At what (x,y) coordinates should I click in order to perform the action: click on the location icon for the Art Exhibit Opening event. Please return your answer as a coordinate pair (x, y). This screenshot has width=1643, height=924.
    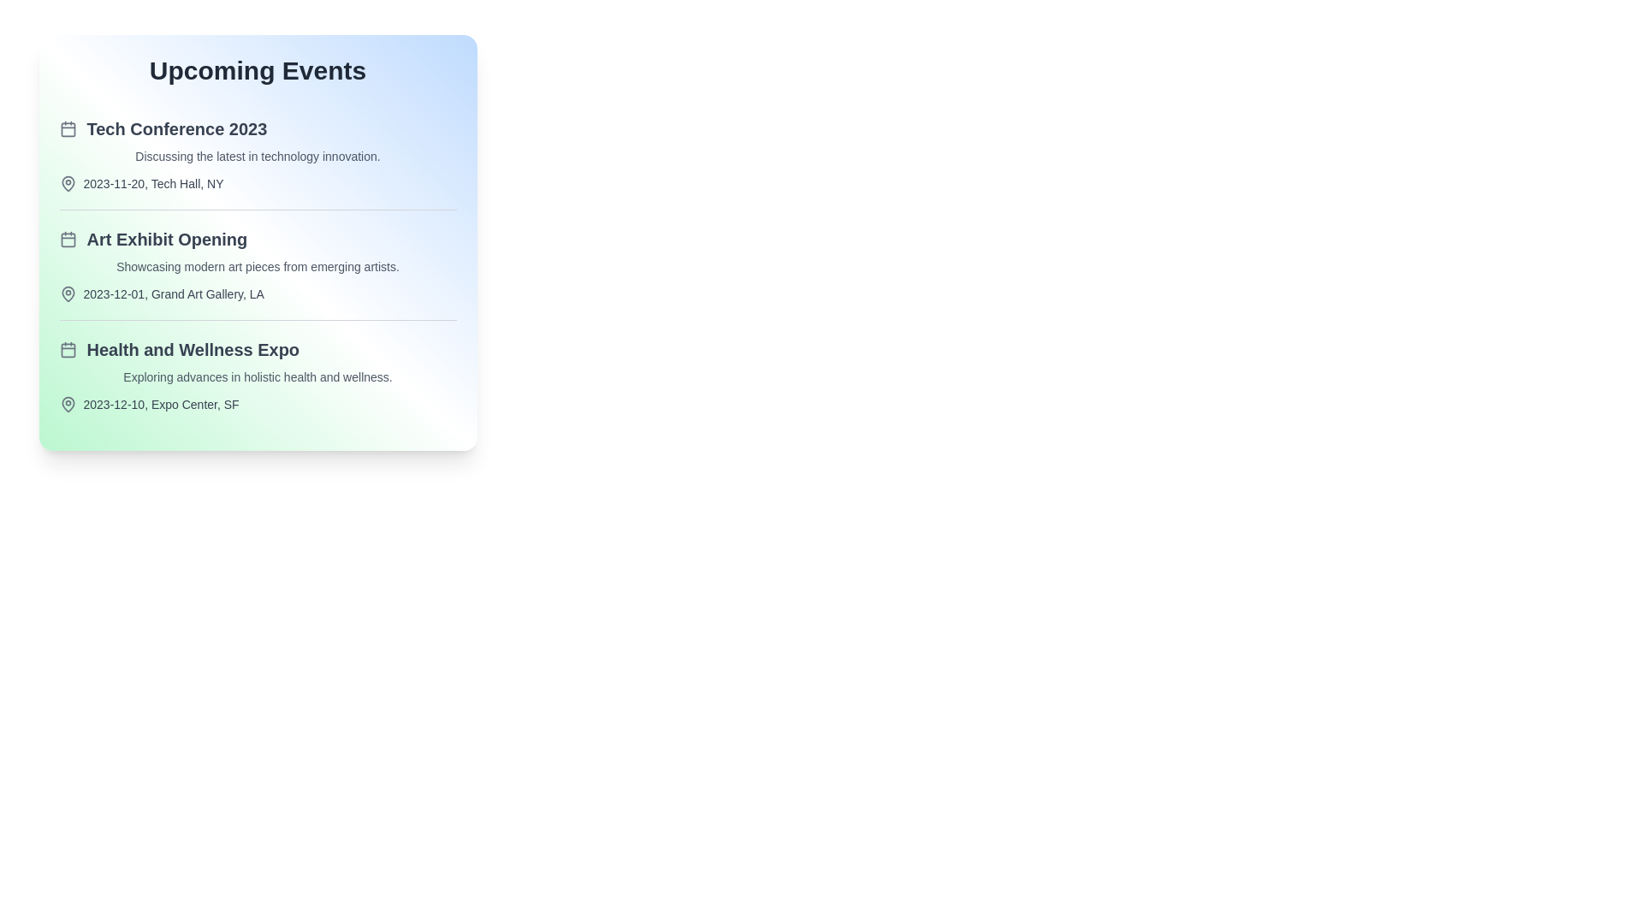
    Looking at the image, I should click on (68, 293).